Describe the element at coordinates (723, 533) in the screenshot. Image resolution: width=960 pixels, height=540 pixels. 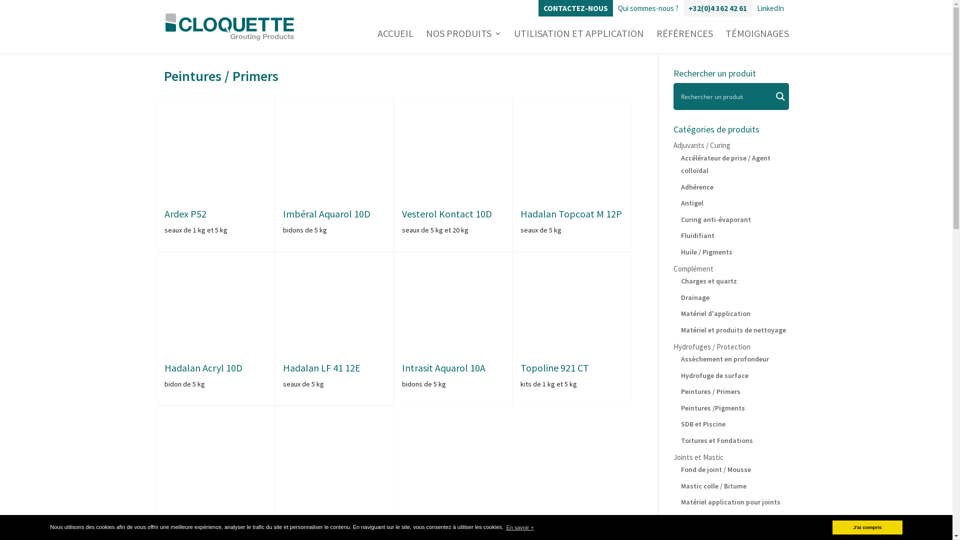
I see `'Scellement/rejointoiement'` at that location.